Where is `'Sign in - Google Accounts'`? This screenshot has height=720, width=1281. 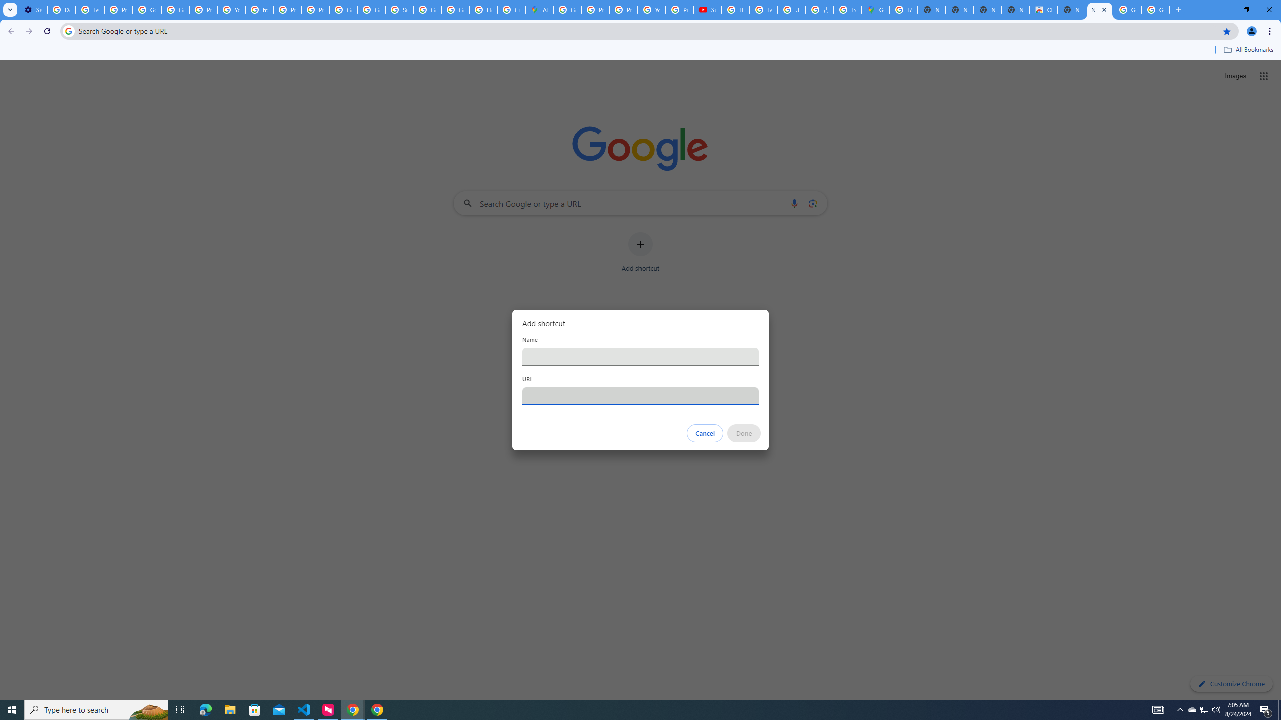
'Sign in - Google Accounts' is located at coordinates (398, 9).